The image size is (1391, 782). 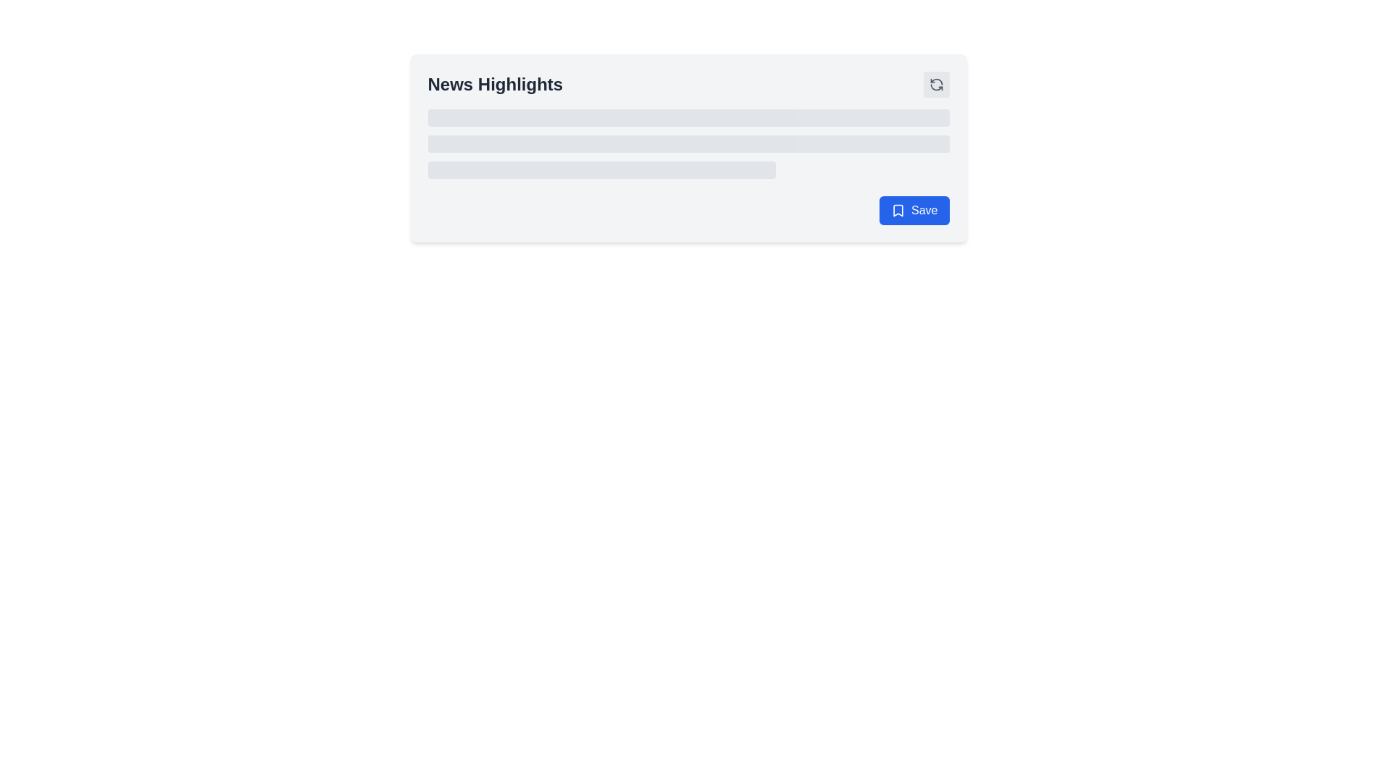 What do you see at coordinates (936, 84) in the screenshot?
I see `the refresh button located in the top-right corner of the 'News Highlights' section to reload the content` at bounding box center [936, 84].